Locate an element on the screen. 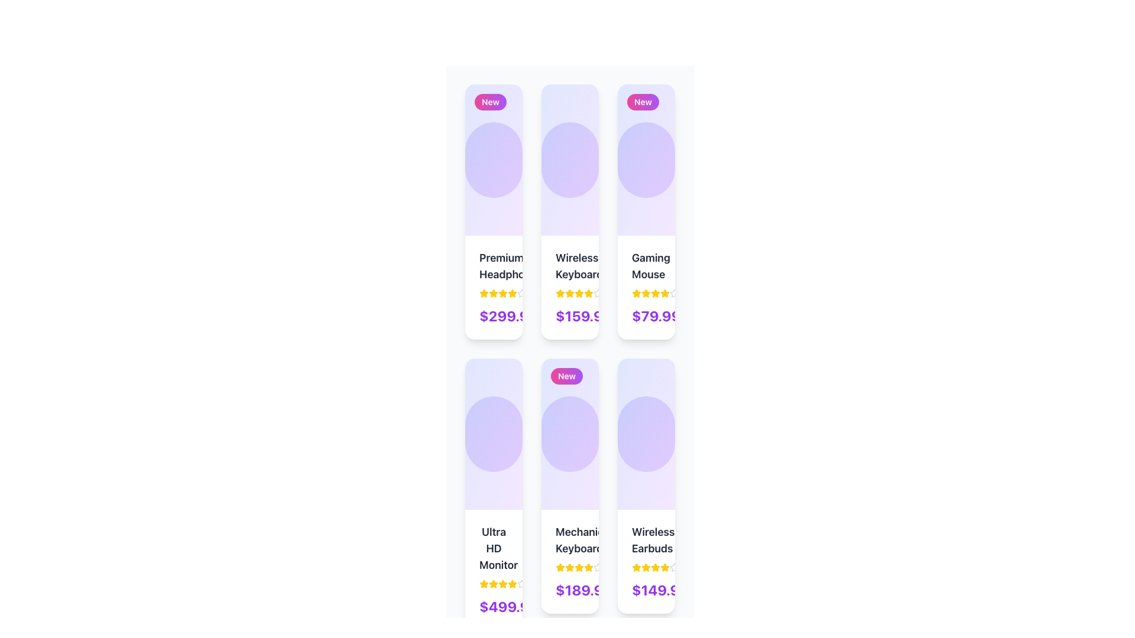  the first star icon in the star rating system for the 'Wireless Keyboard' product to rate it is located at coordinates (560, 293).